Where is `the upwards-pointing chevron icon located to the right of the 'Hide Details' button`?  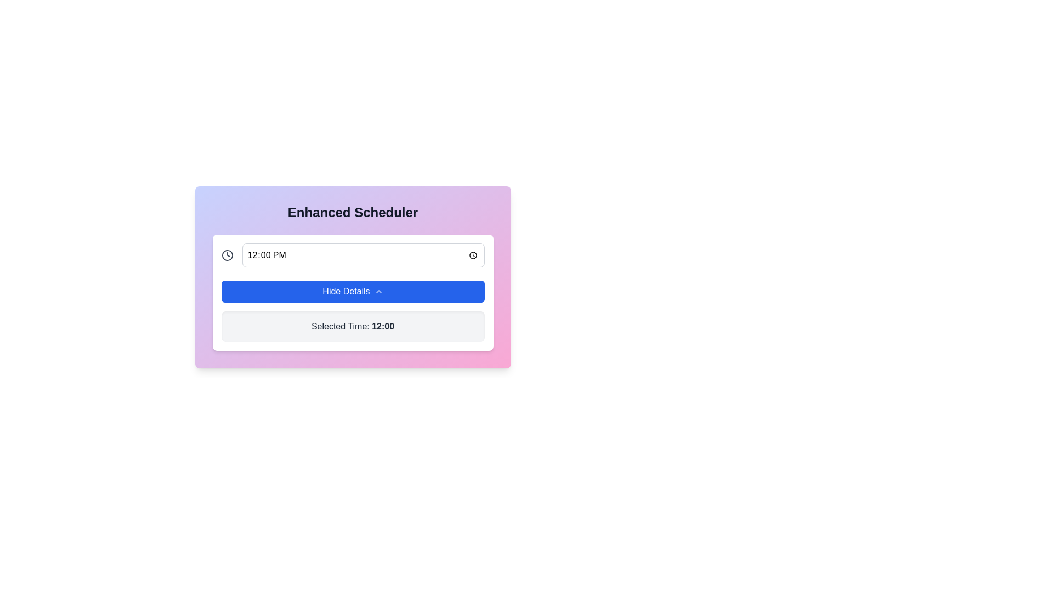 the upwards-pointing chevron icon located to the right of the 'Hide Details' button is located at coordinates (378, 291).